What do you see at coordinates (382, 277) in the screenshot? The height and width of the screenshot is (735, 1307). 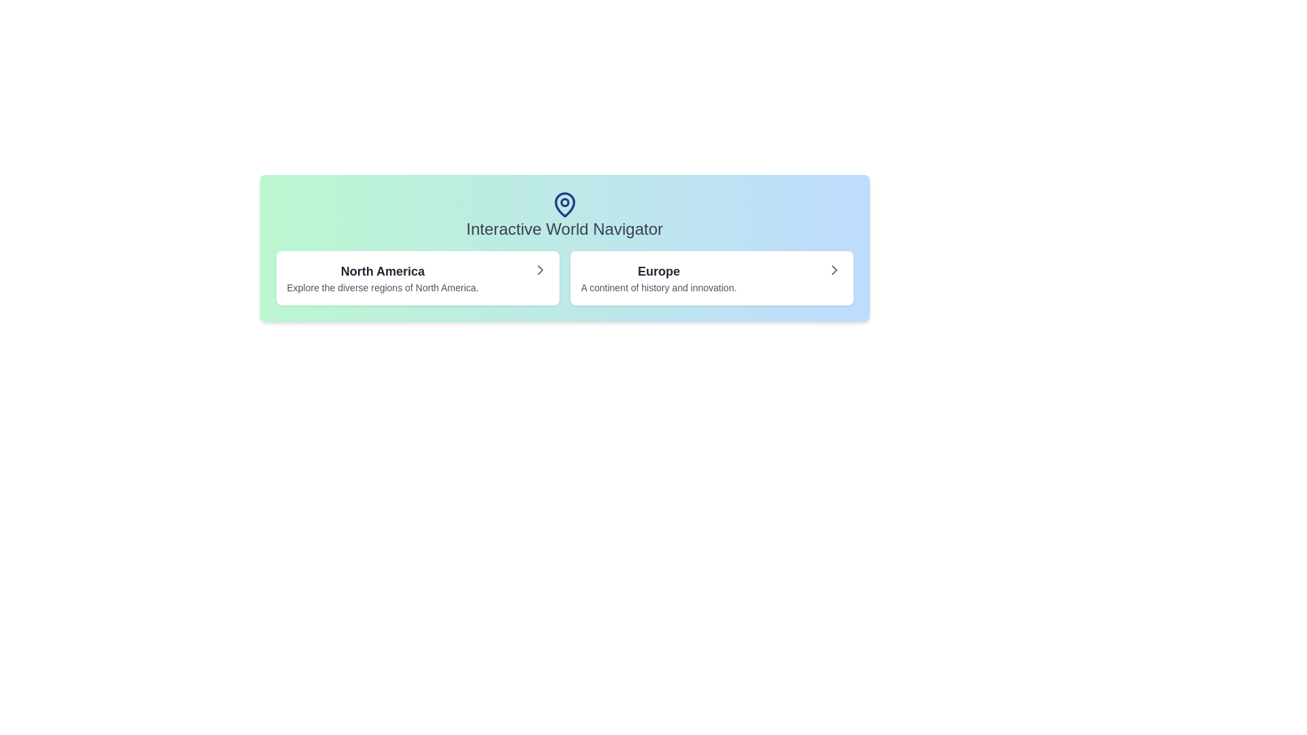 I see `the descriptive text block showcasing the name and brief description of the region 'North America', located on the left side under the title 'Interactive World Navigator' and above an arrow icon pointing right` at bounding box center [382, 277].